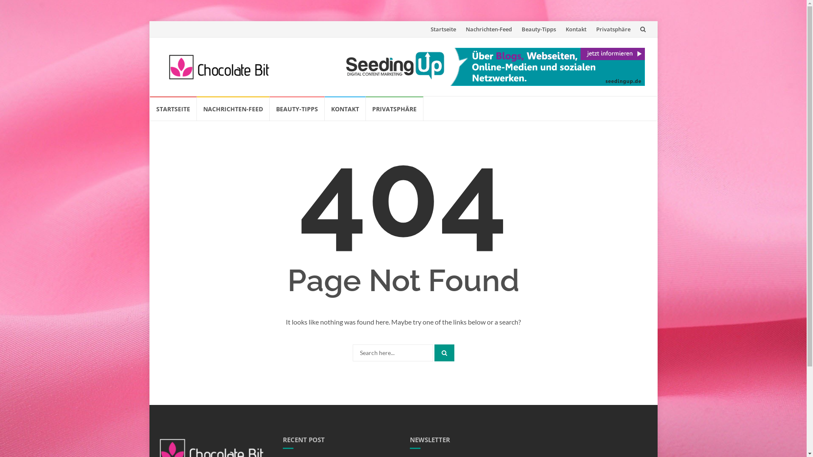 This screenshot has width=813, height=457. I want to click on 'Search', so click(444, 352).